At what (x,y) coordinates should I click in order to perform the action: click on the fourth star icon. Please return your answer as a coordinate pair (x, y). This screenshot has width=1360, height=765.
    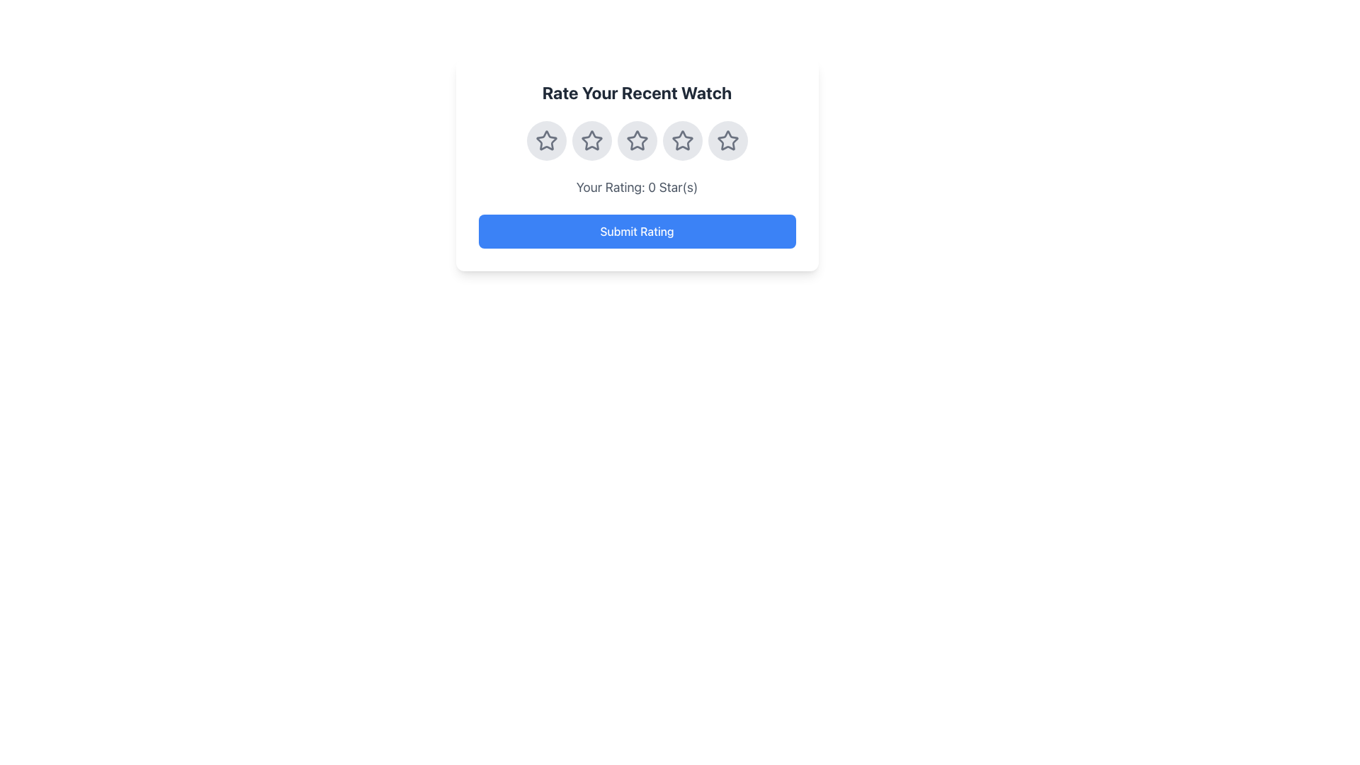
    Looking at the image, I should click on (727, 141).